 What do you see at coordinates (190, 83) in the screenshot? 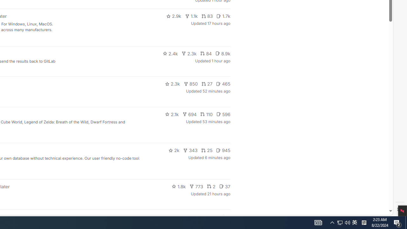
I see `'850'` at bounding box center [190, 83].